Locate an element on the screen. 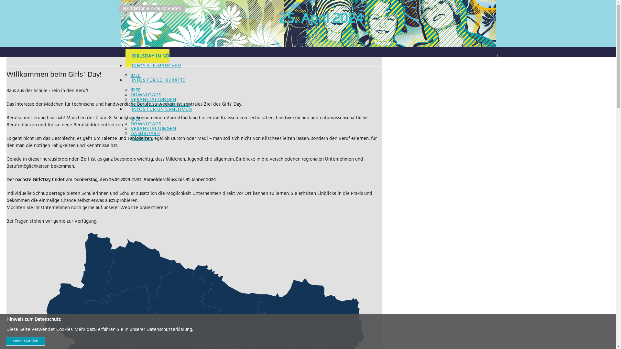 The image size is (621, 349). 'Einverstanden' is located at coordinates (25, 341).